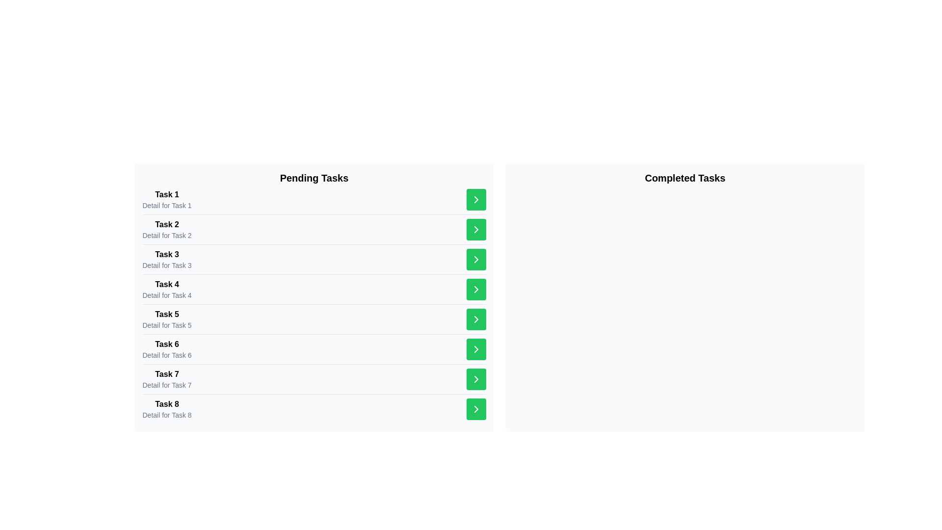 This screenshot has width=942, height=530. Describe the element at coordinates (476, 289) in the screenshot. I see `the sixth chevron button under the 'Pending Tasks' section` at that location.